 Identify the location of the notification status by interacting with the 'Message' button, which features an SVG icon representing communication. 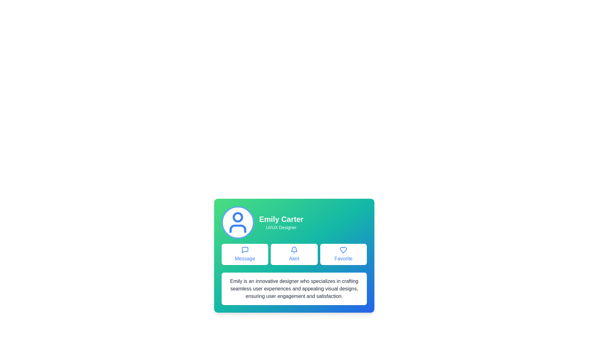
(244, 249).